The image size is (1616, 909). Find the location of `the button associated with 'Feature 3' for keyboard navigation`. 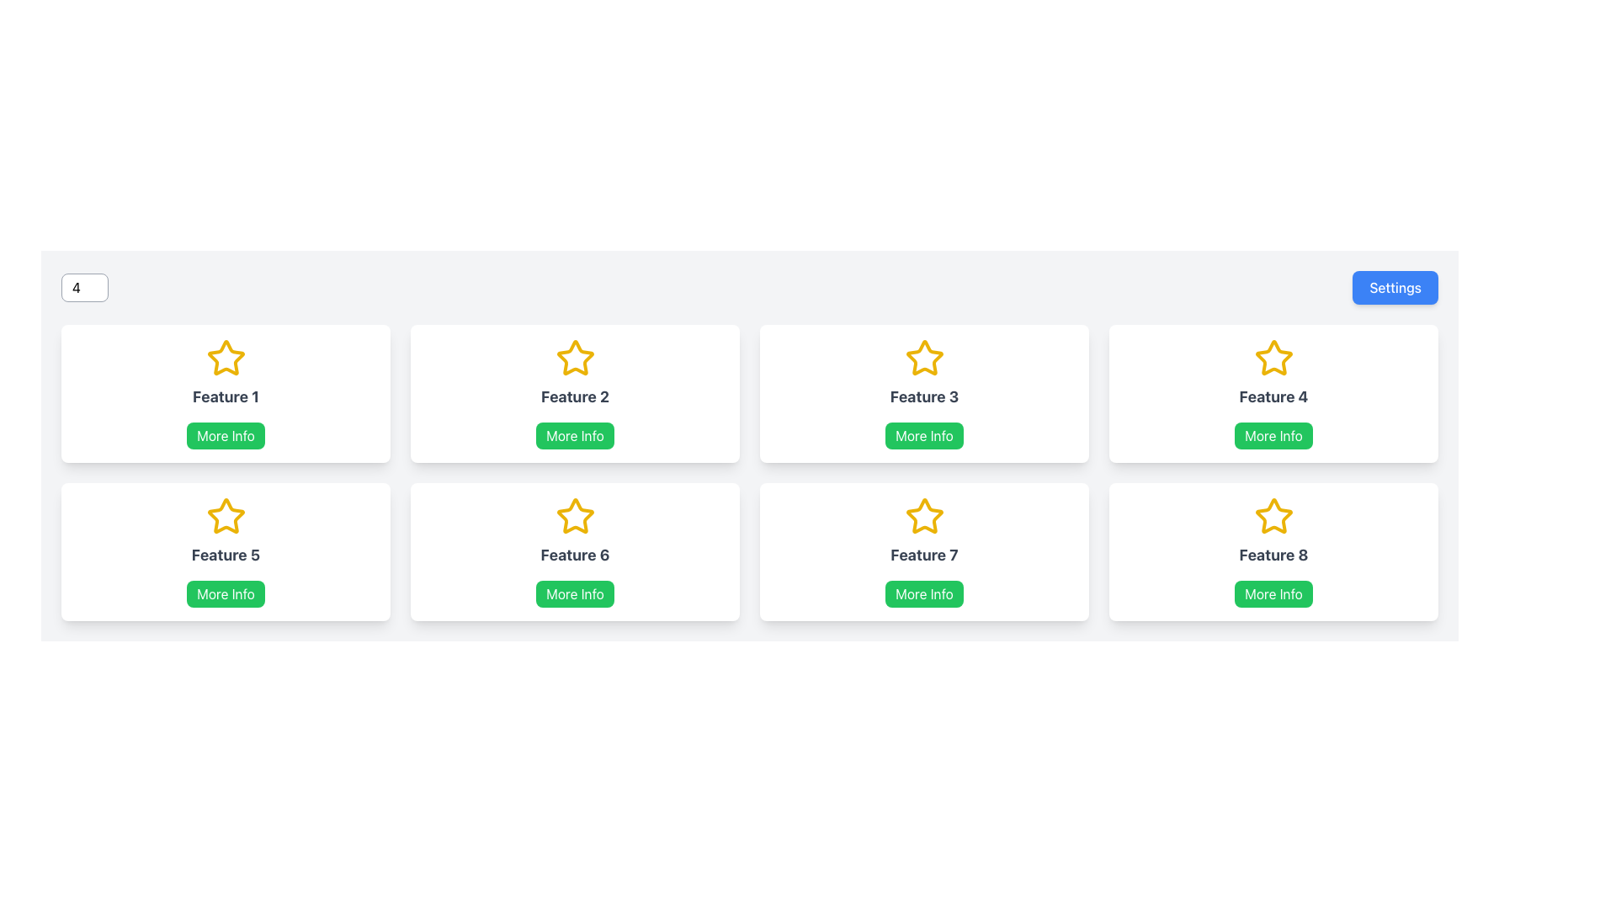

the button associated with 'Feature 3' for keyboard navigation is located at coordinates (923, 434).